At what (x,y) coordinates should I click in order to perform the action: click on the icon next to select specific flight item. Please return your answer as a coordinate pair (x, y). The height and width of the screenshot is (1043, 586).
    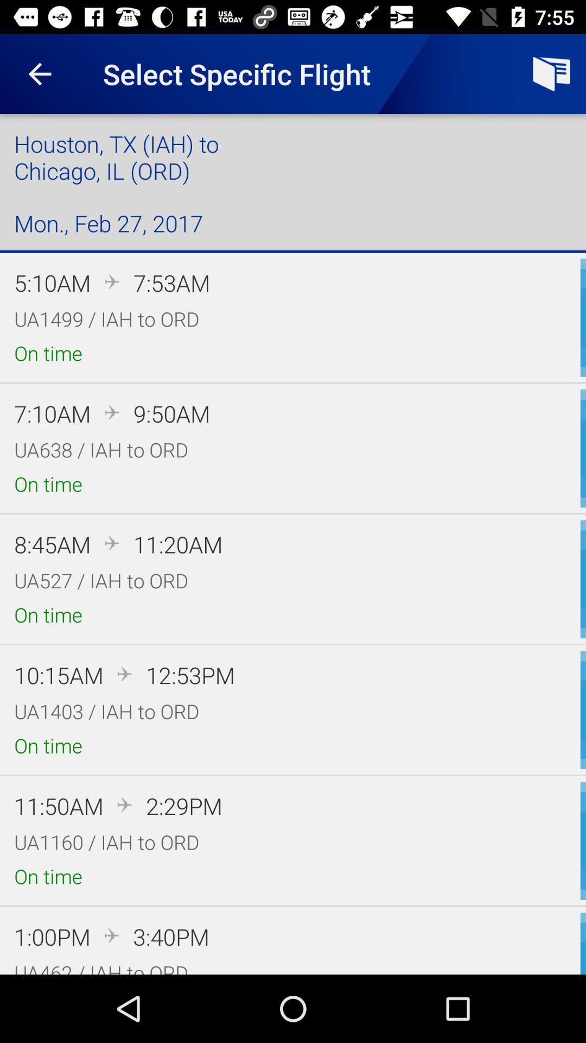
    Looking at the image, I should click on (552, 73).